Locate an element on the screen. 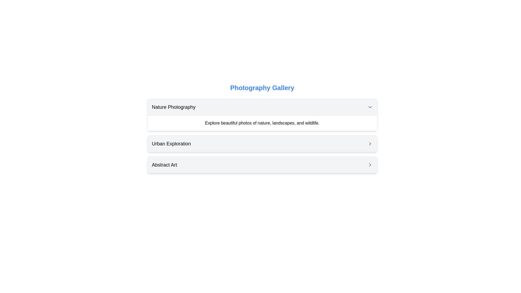 This screenshot has width=521, height=293. the 'Urban Exploration' button for keyboard interaction is located at coordinates (262, 143).